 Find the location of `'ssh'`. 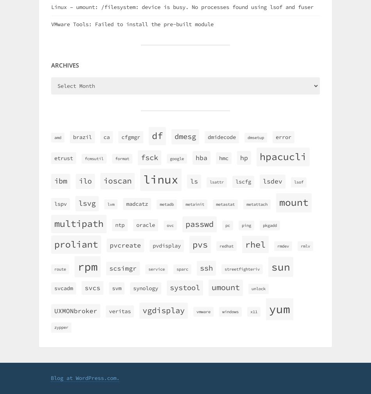

'ssh' is located at coordinates (206, 267).